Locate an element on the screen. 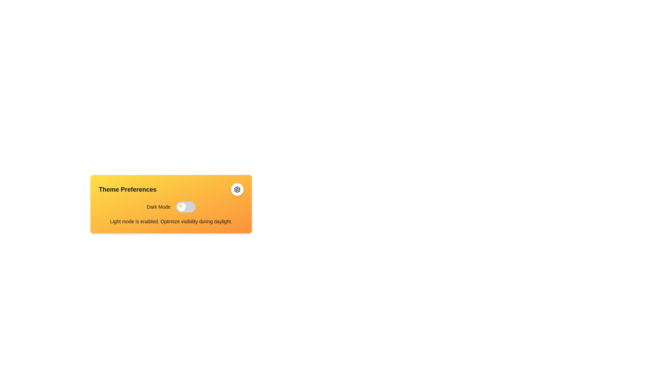  the settings icon located in the top-right corner of the 'Theme Preferences' card is located at coordinates (237, 190).